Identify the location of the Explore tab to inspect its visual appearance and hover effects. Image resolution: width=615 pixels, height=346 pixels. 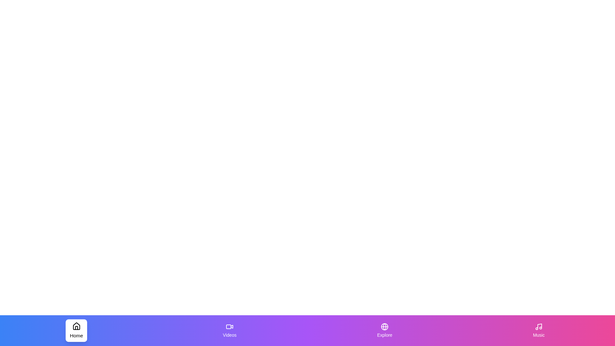
(384, 331).